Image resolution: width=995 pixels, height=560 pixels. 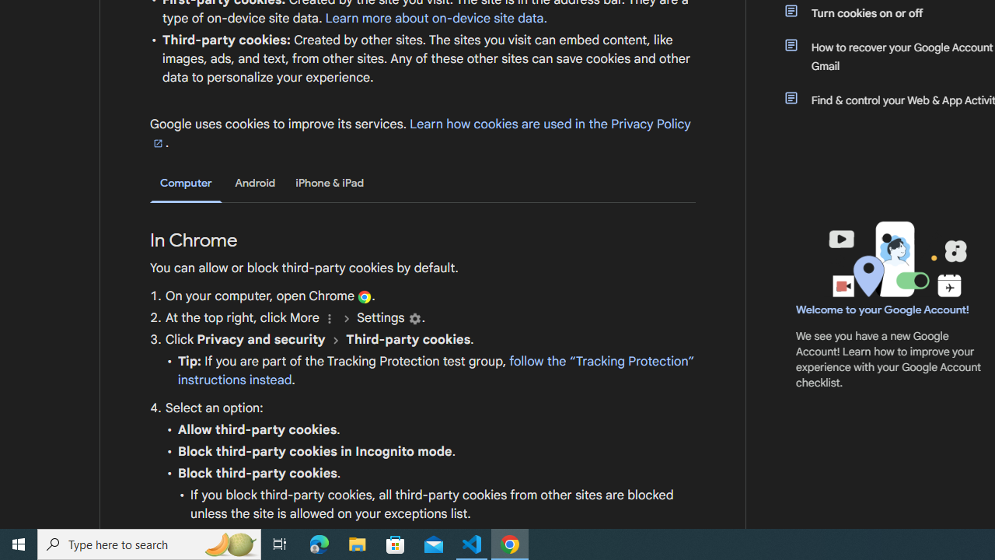 What do you see at coordinates (421, 132) in the screenshot?
I see `'Learn how cookies are used in the Privacy Policy'` at bounding box center [421, 132].